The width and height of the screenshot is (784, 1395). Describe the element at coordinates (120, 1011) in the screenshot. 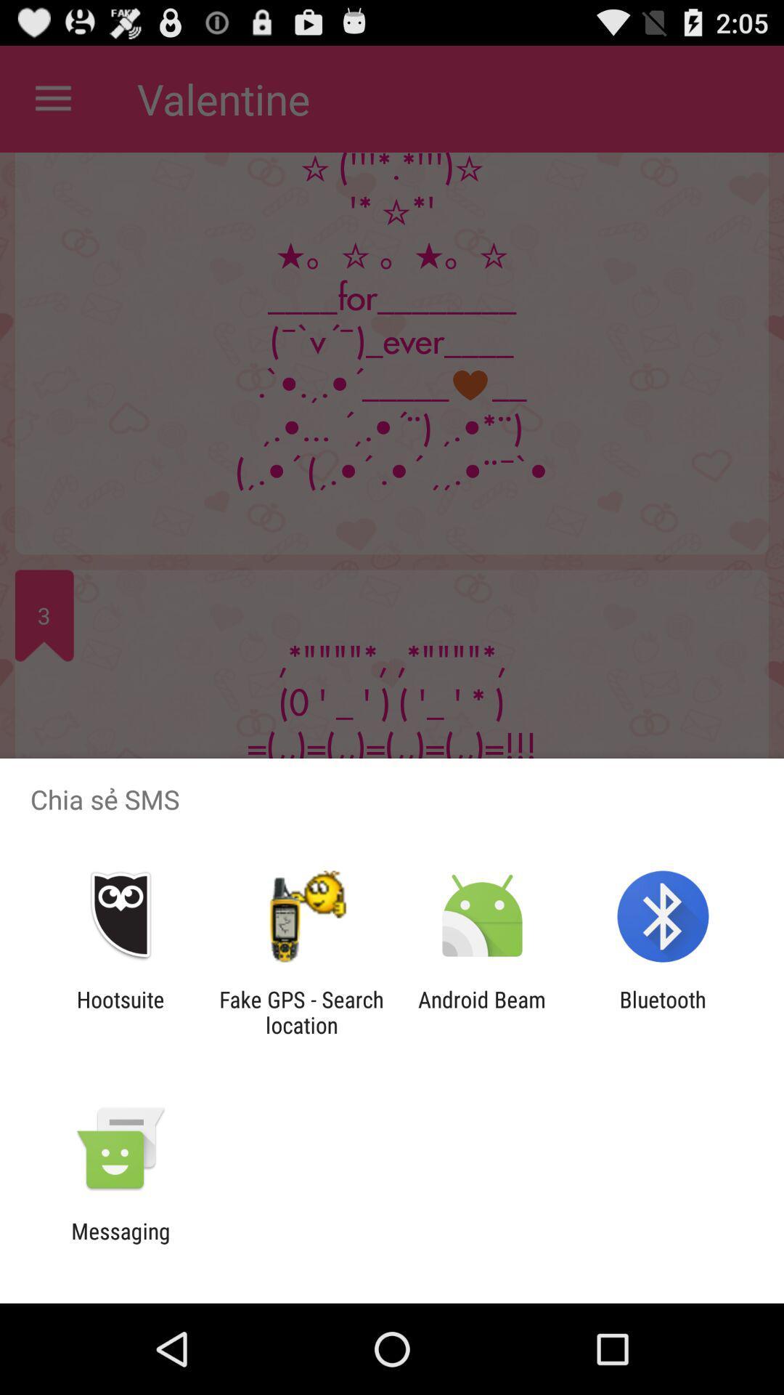

I see `the hootsuite icon` at that location.